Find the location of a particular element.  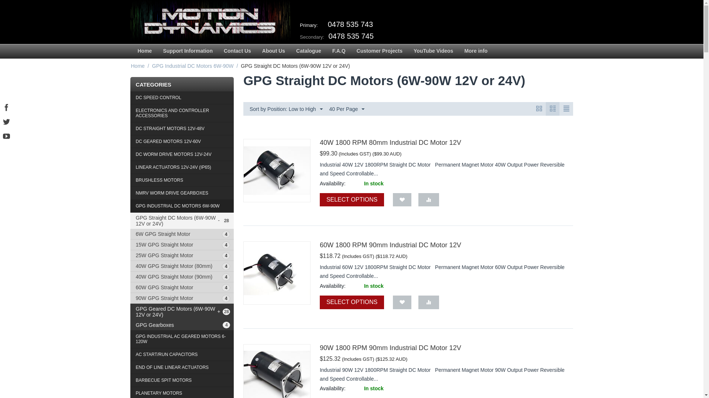

'YouTube Videos' is located at coordinates (407, 51).